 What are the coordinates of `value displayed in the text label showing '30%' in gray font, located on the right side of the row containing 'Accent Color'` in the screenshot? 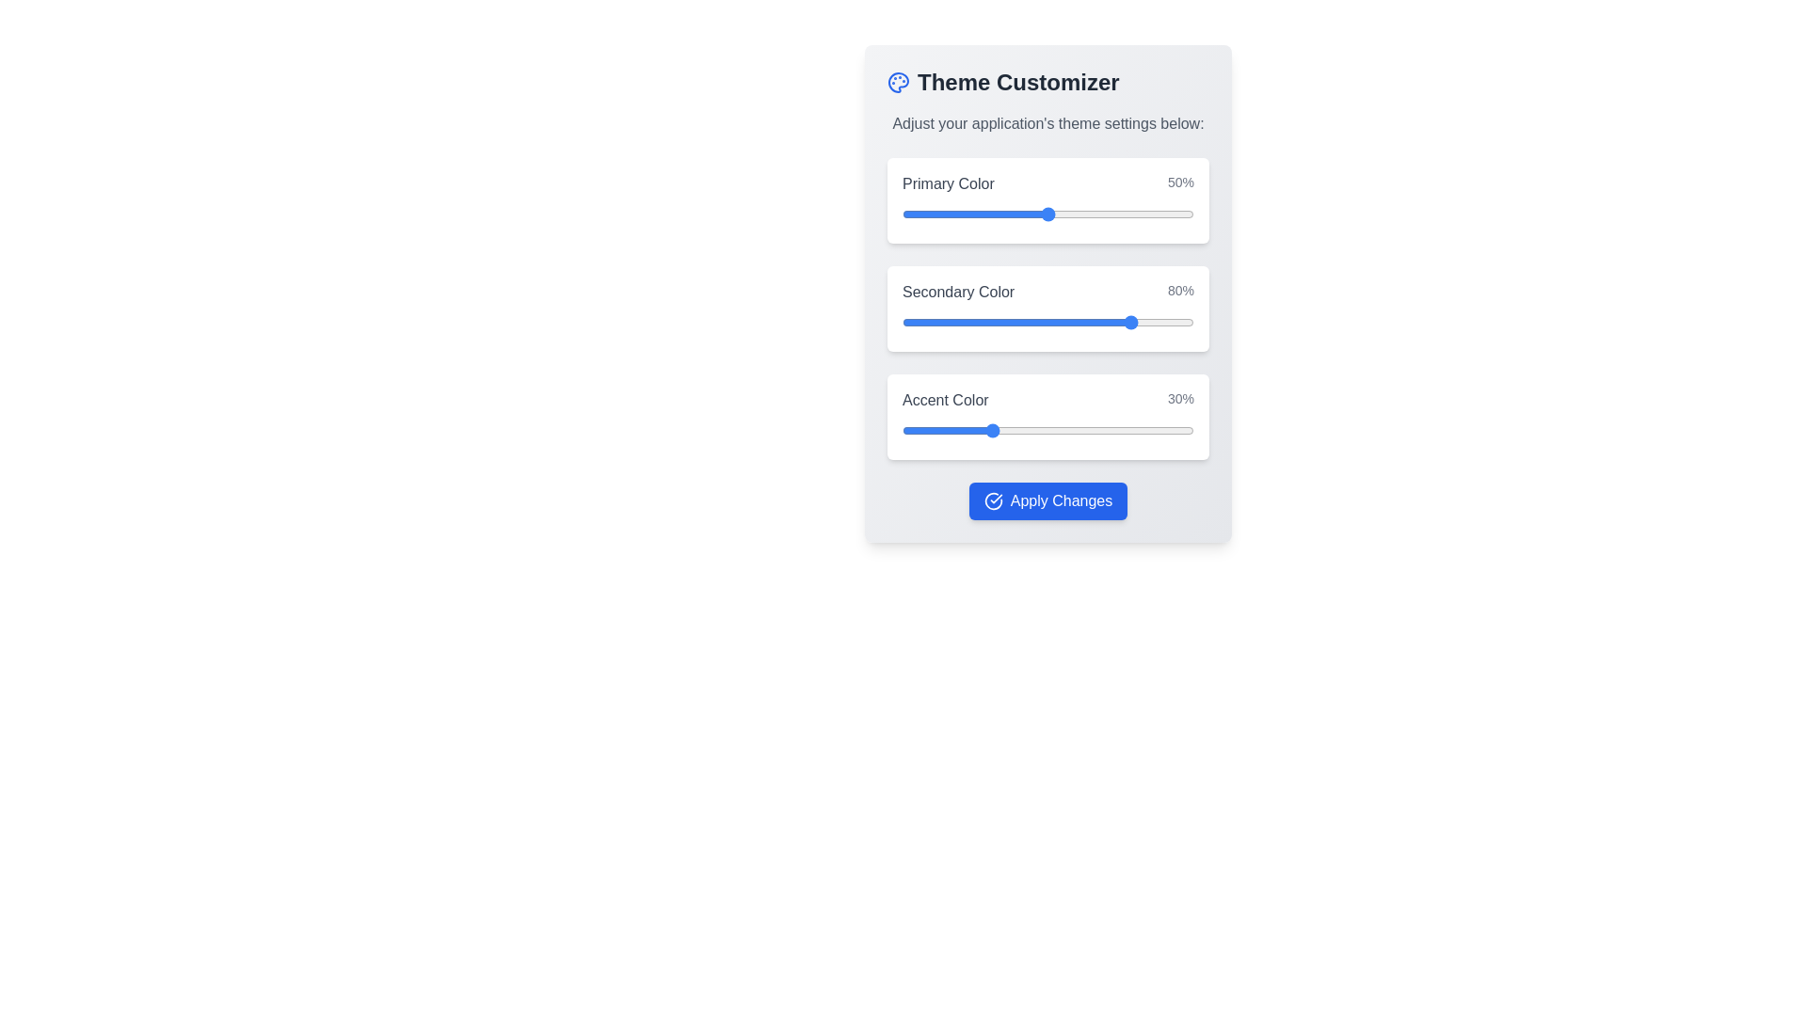 It's located at (1179, 399).